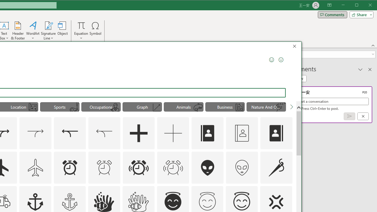  I want to click on 'AutomationID: Icons_Dandelion_M', so click(280, 107).